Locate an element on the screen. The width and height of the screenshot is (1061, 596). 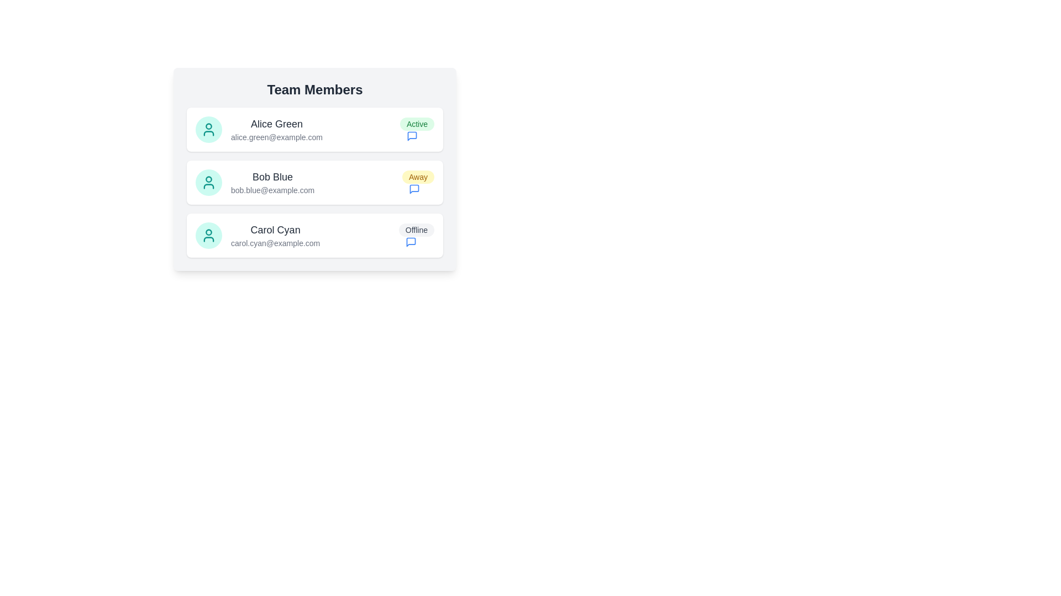
to select the user displayed on the Information display card at the top of the 'Team Members' section, which contains their name and email address is located at coordinates (259, 129).